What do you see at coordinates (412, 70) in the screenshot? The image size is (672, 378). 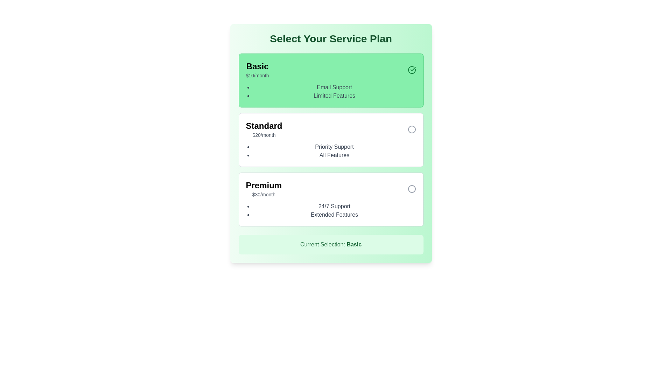 I see `the subscription plan icon that indicates the currently selected 'Basic' subscription option, positioned at the top-right side of the highlighted area` at bounding box center [412, 70].